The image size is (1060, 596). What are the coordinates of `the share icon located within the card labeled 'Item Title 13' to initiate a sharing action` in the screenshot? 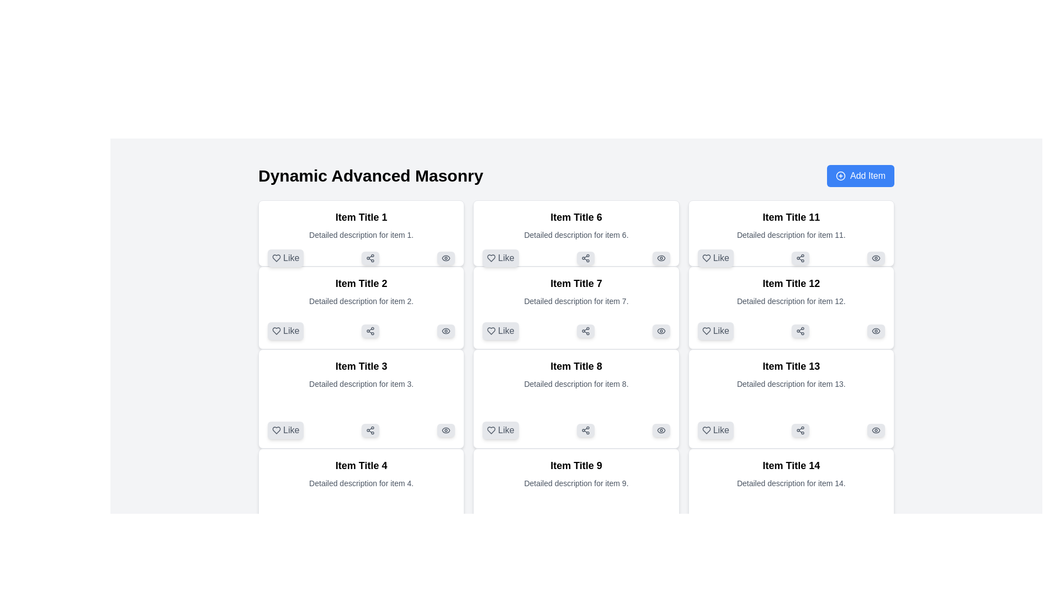 It's located at (800, 429).